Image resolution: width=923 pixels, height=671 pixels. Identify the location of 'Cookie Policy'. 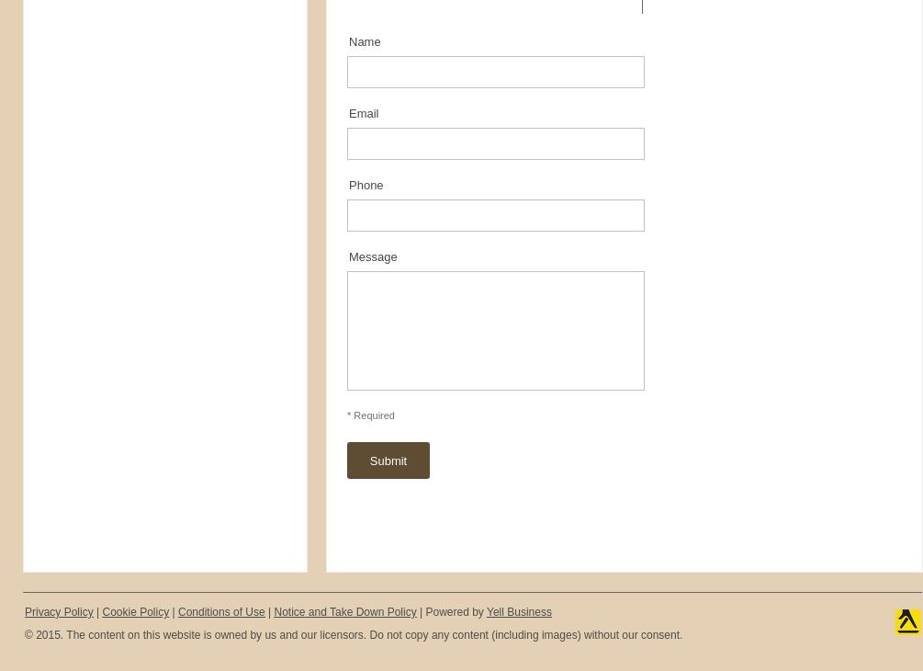
(135, 611).